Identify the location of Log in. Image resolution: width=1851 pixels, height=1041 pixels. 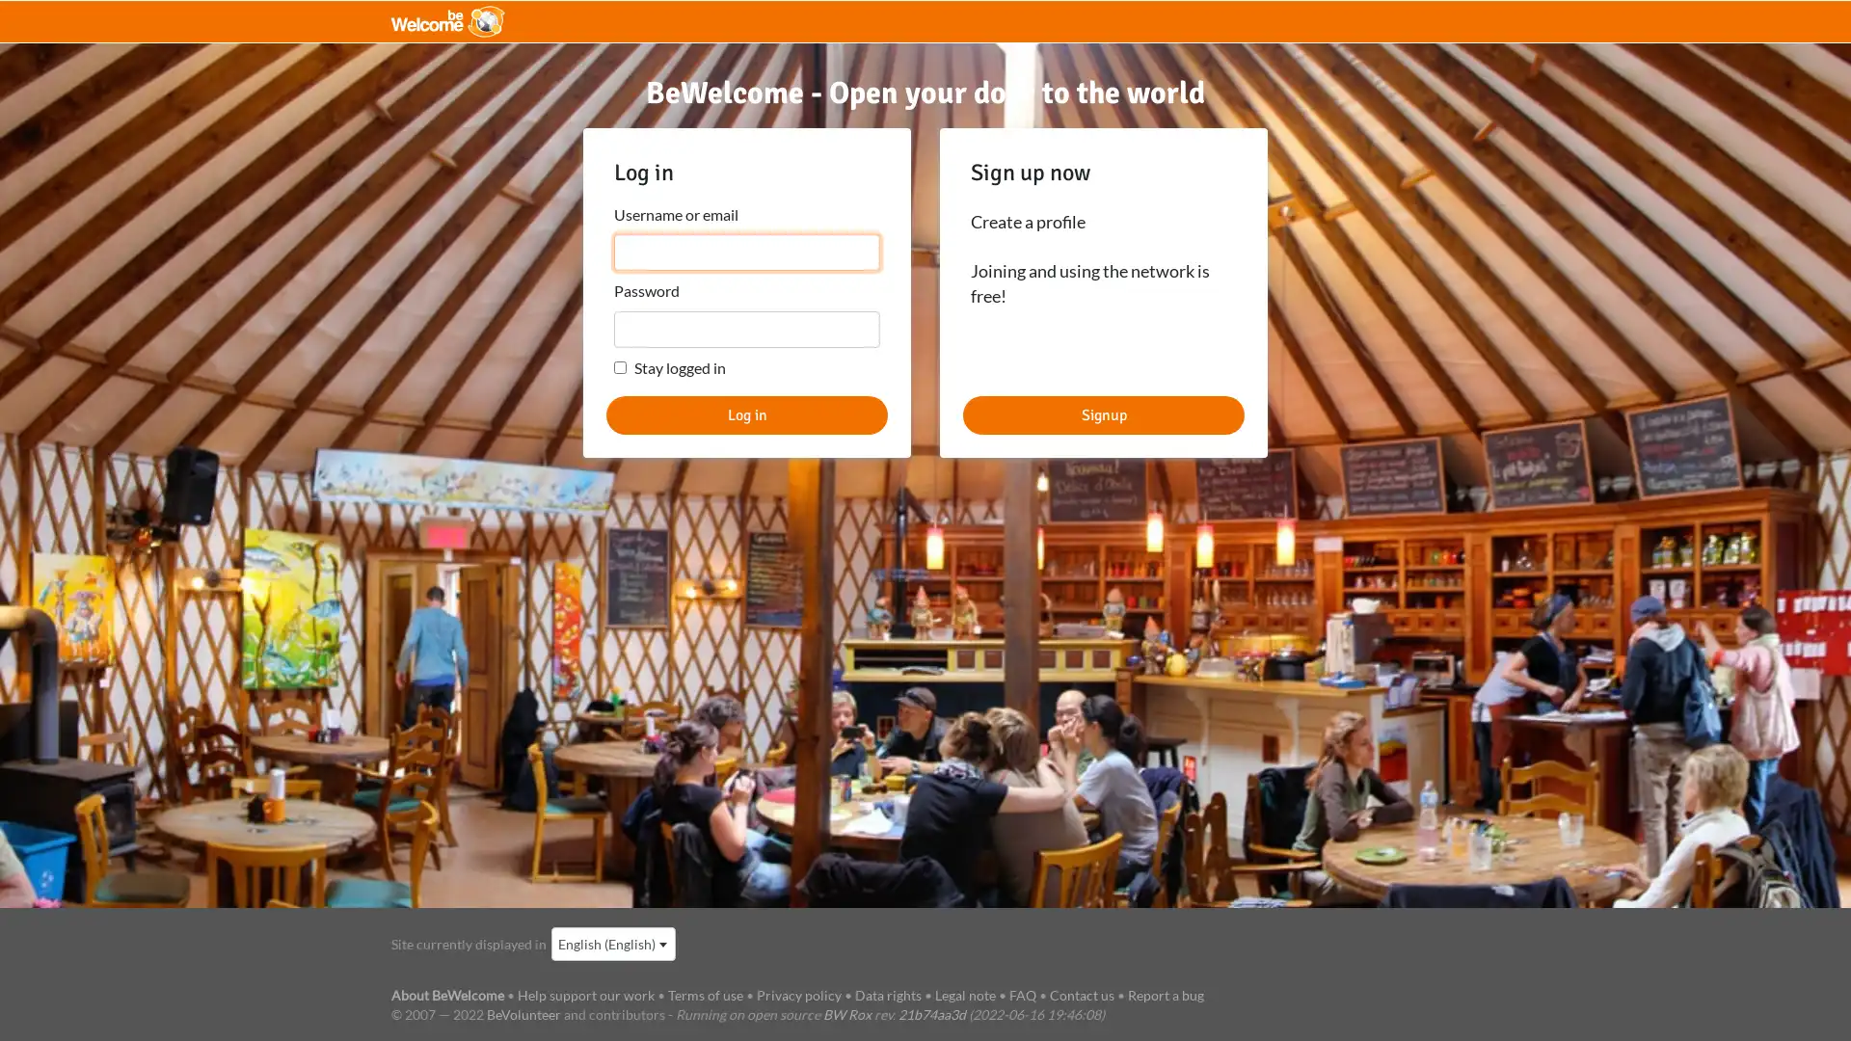
(745, 413).